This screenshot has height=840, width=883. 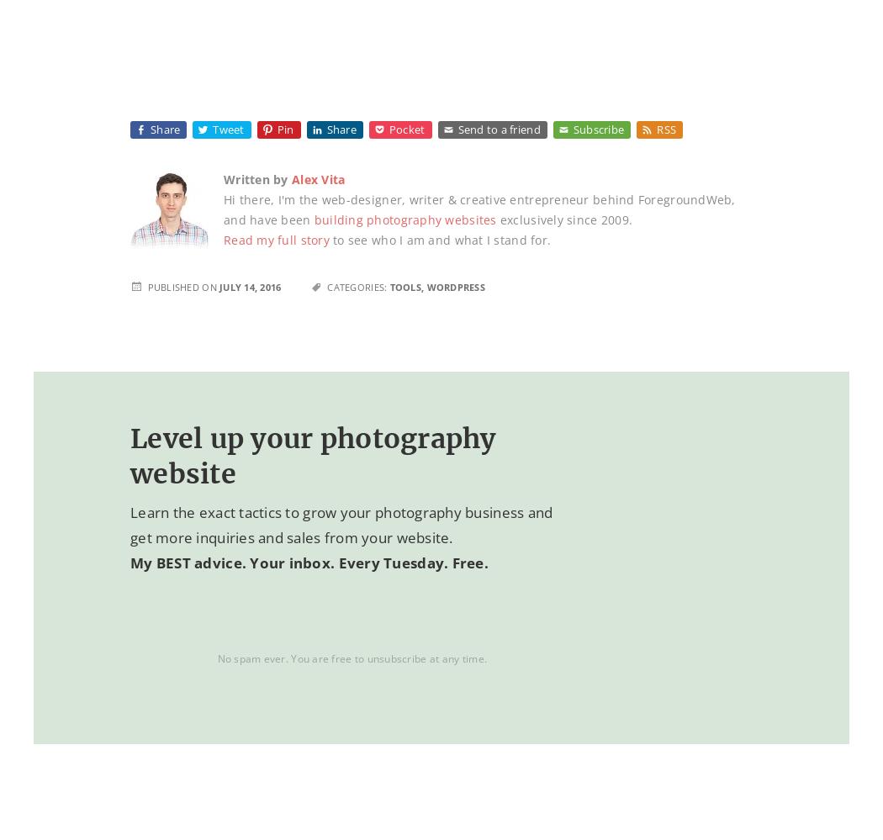 I want to click on 'Pocket', so click(x=406, y=129).